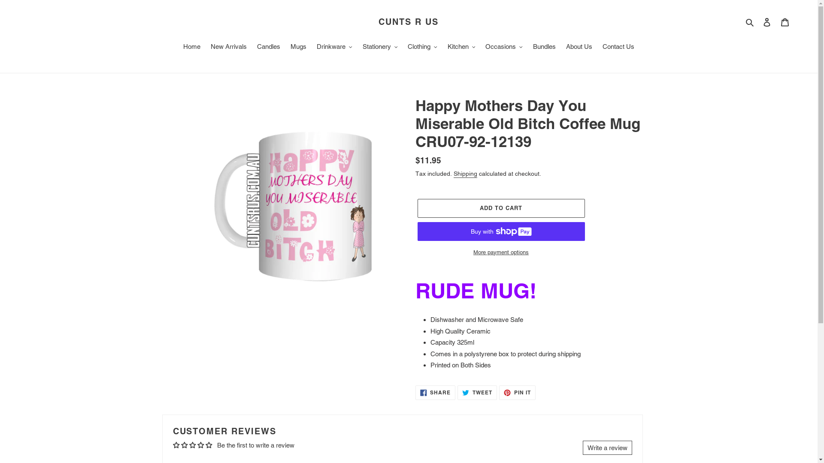  What do you see at coordinates (191, 48) in the screenshot?
I see `'Home'` at bounding box center [191, 48].